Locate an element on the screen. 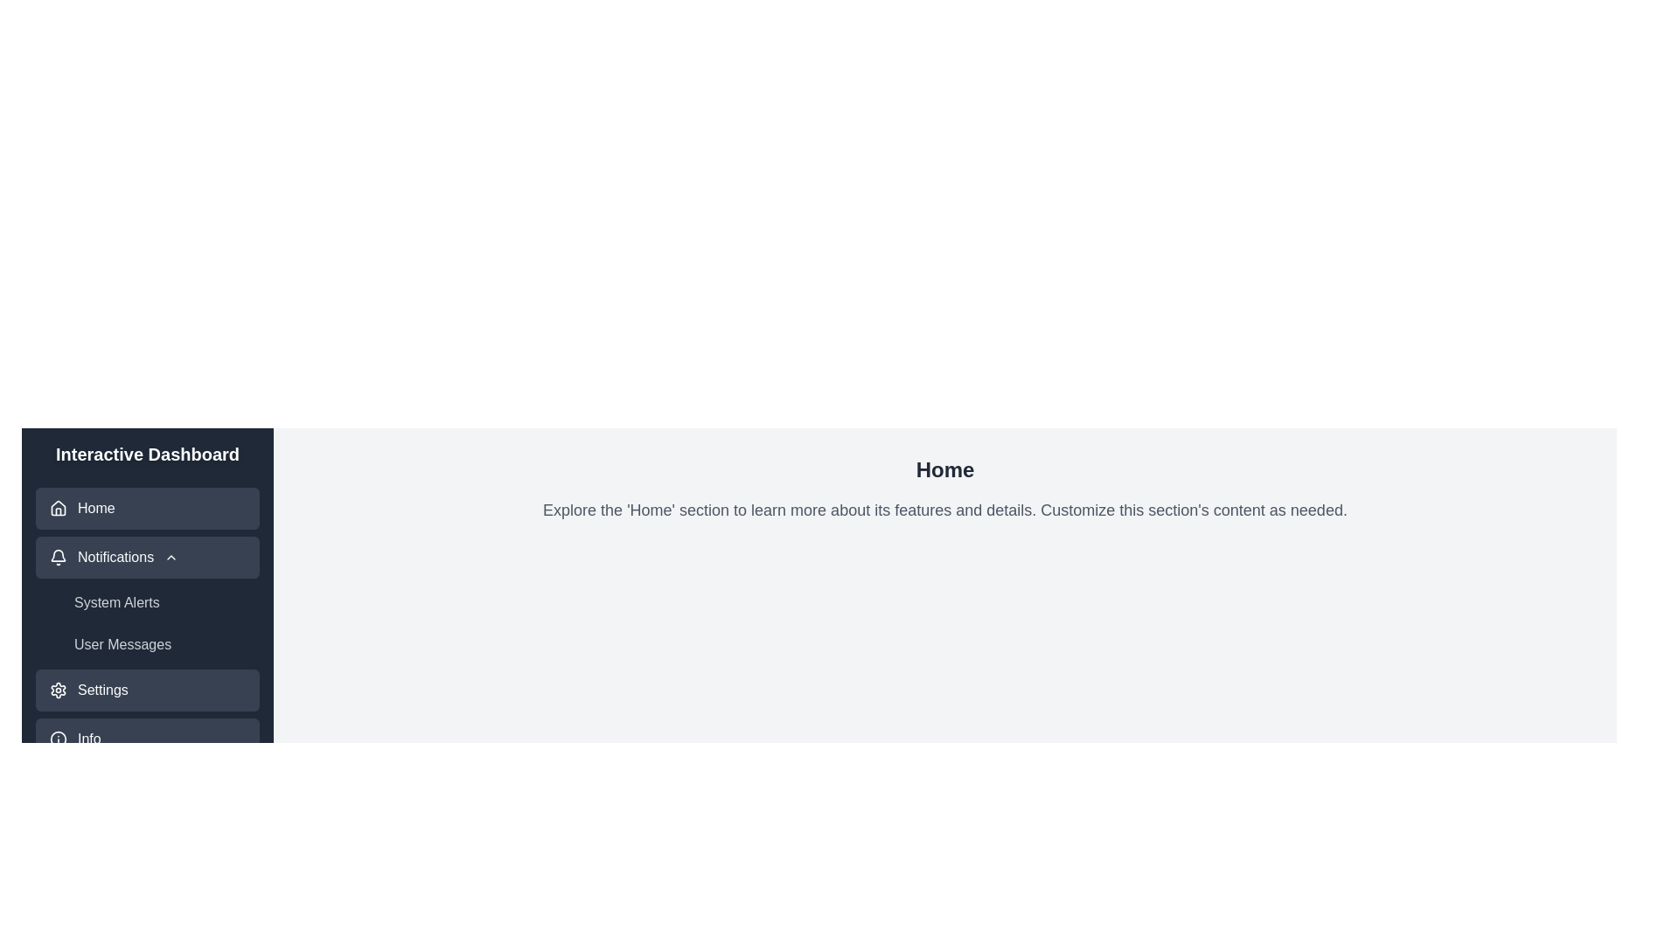 Image resolution: width=1679 pixels, height=944 pixels. the 'Home' text label is located at coordinates (95, 509).